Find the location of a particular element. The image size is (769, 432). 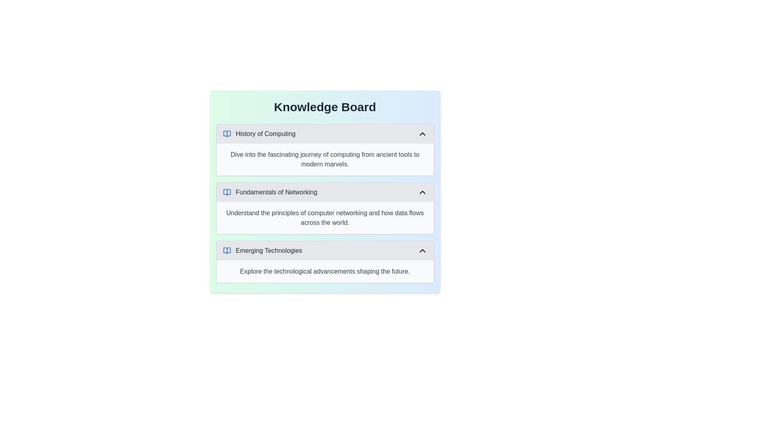

the small blue SVG graphic icon depicting an open book, located to the left of the 'Emerging Technologies' label in the UI is located at coordinates (226, 250).